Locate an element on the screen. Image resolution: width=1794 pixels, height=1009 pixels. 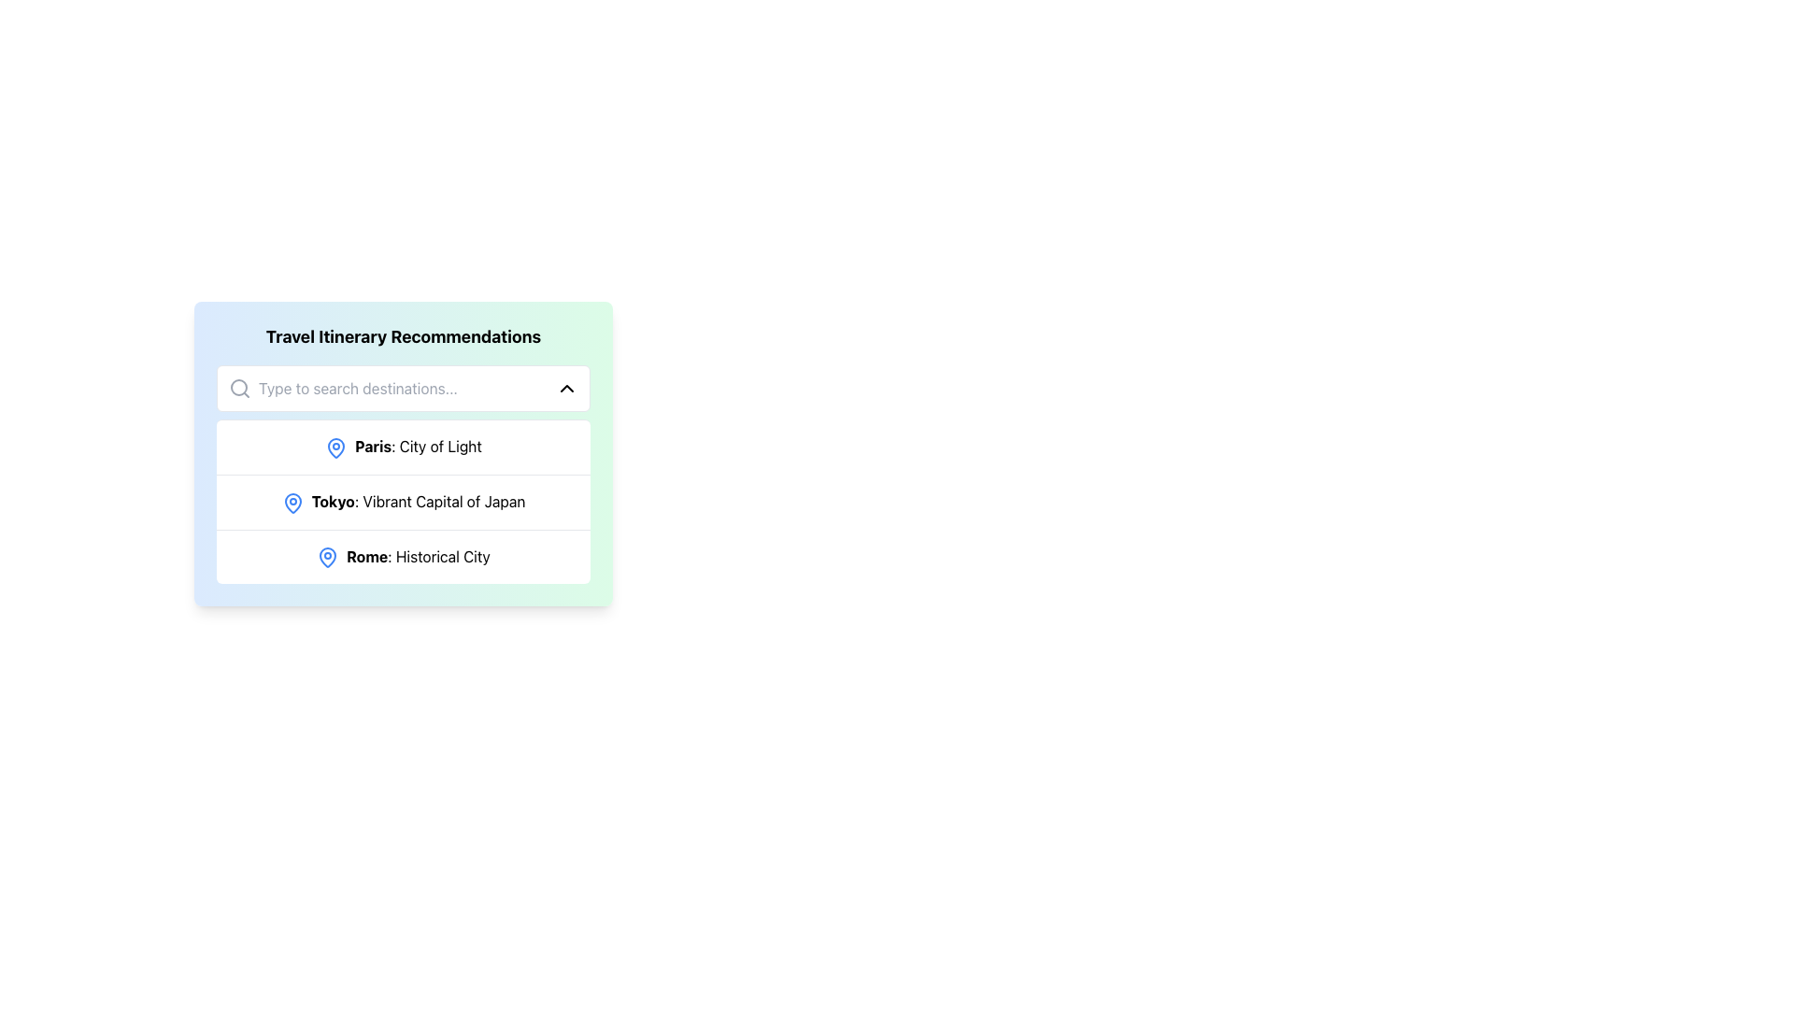
the Search bar with an input field and dropdown control is located at coordinates (403, 388).